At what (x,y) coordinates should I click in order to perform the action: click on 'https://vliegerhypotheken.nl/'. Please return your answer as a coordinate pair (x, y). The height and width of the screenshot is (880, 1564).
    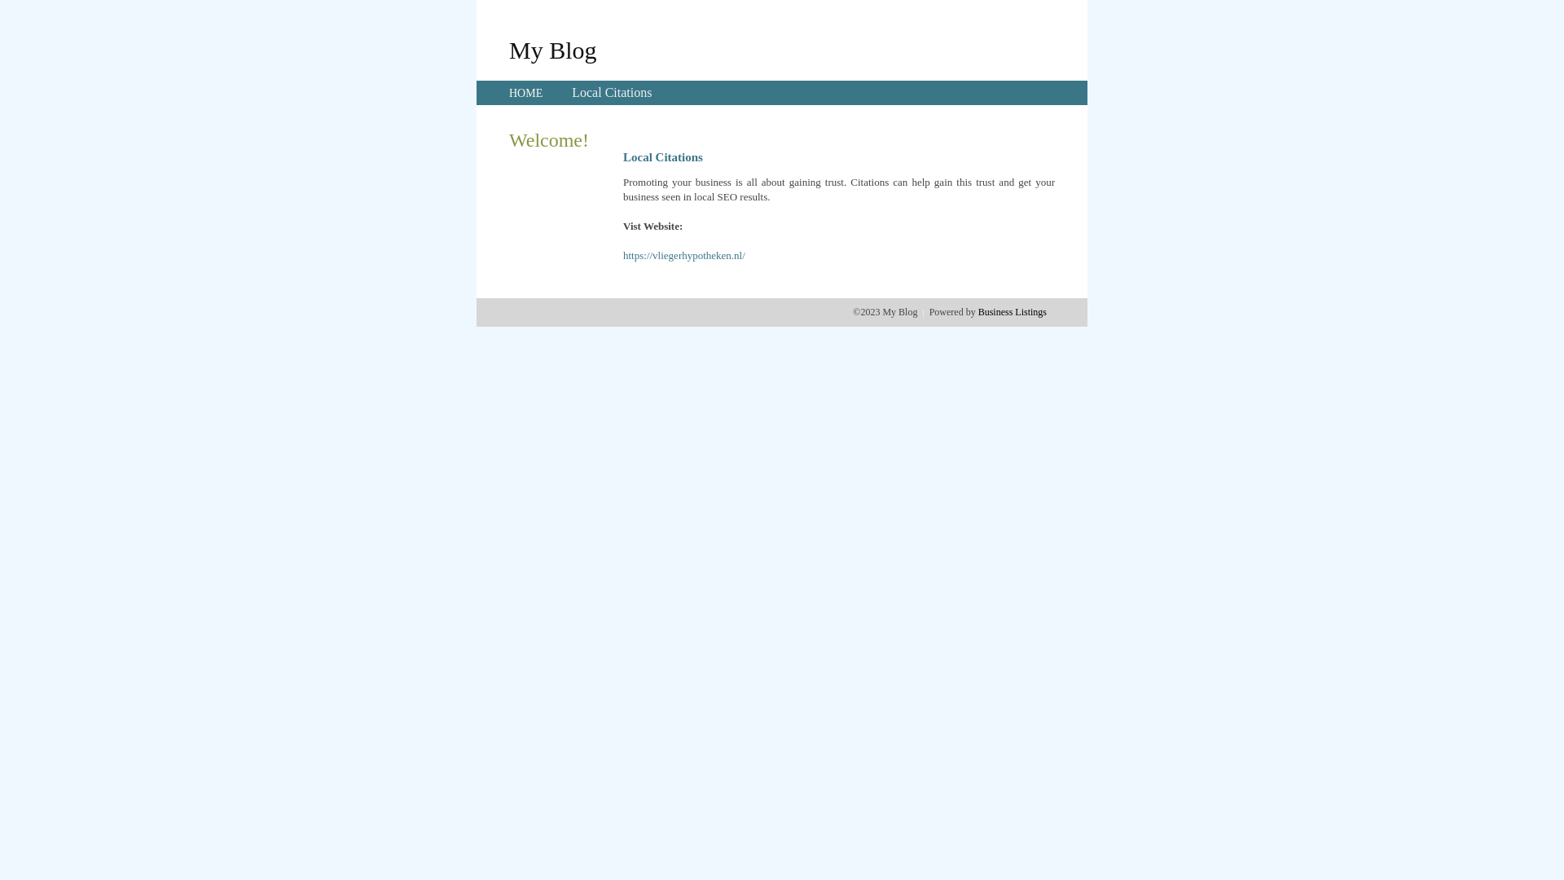
    Looking at the image, I should click on (684, 255).